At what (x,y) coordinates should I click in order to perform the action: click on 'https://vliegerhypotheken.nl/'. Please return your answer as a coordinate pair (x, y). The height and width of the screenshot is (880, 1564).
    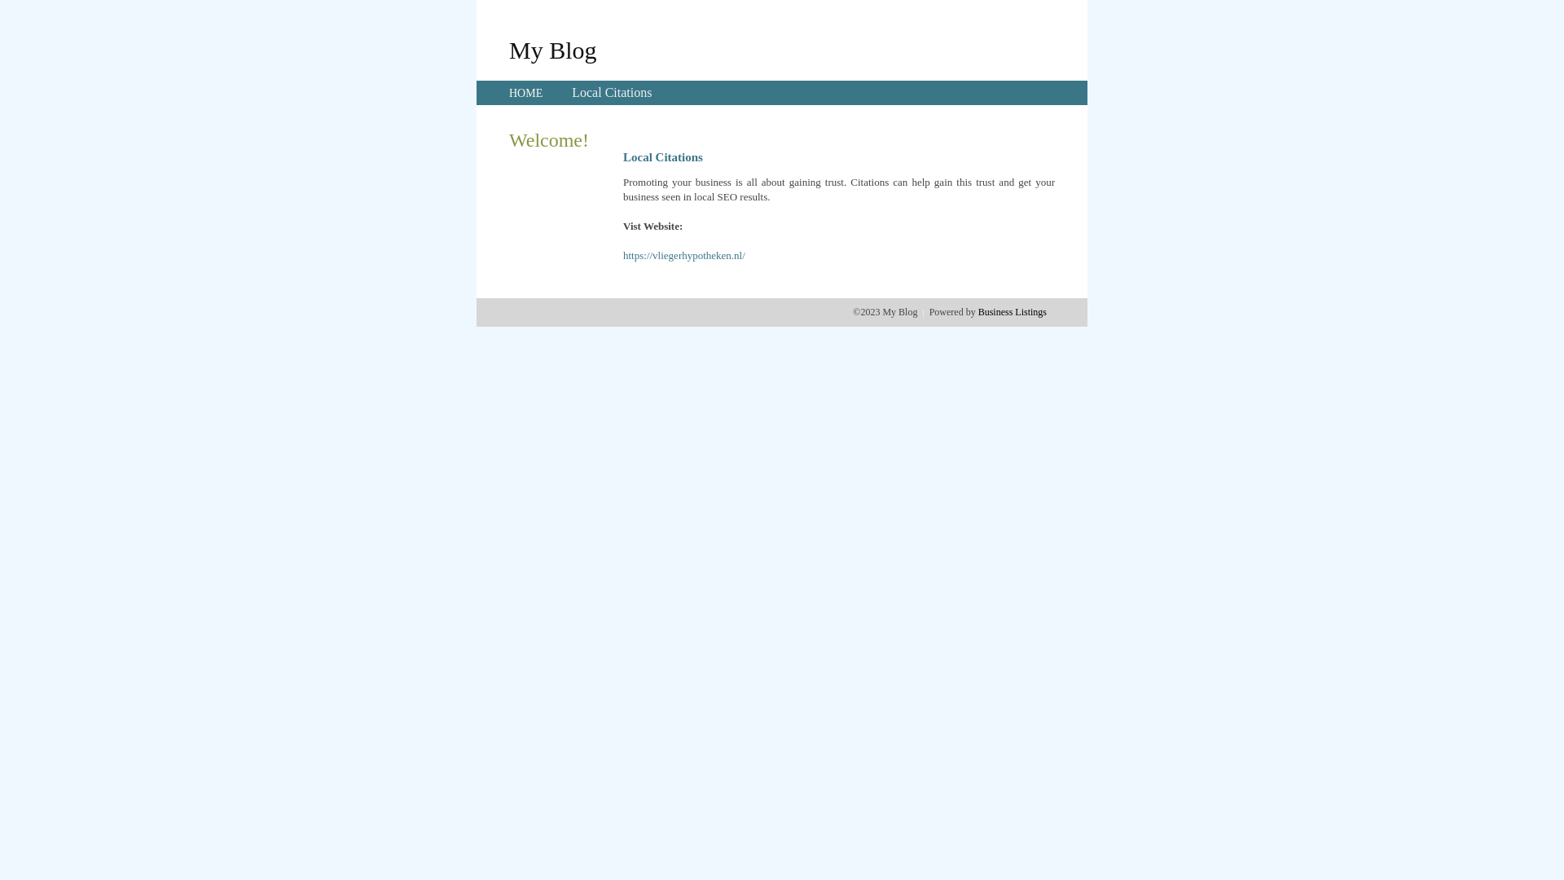
    Looking at the image, I should click on (684, 255).